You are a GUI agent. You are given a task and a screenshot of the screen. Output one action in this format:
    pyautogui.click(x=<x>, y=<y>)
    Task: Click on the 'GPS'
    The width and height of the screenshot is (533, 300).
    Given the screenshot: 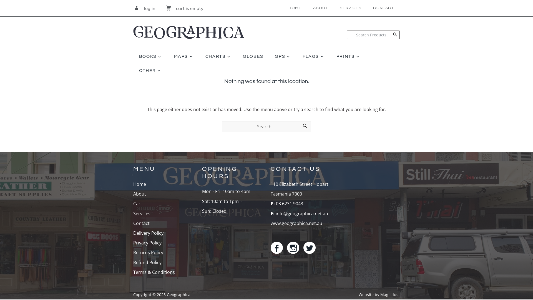 What is the action you would take?
    pyautogui.click(x=283, y=56)
    